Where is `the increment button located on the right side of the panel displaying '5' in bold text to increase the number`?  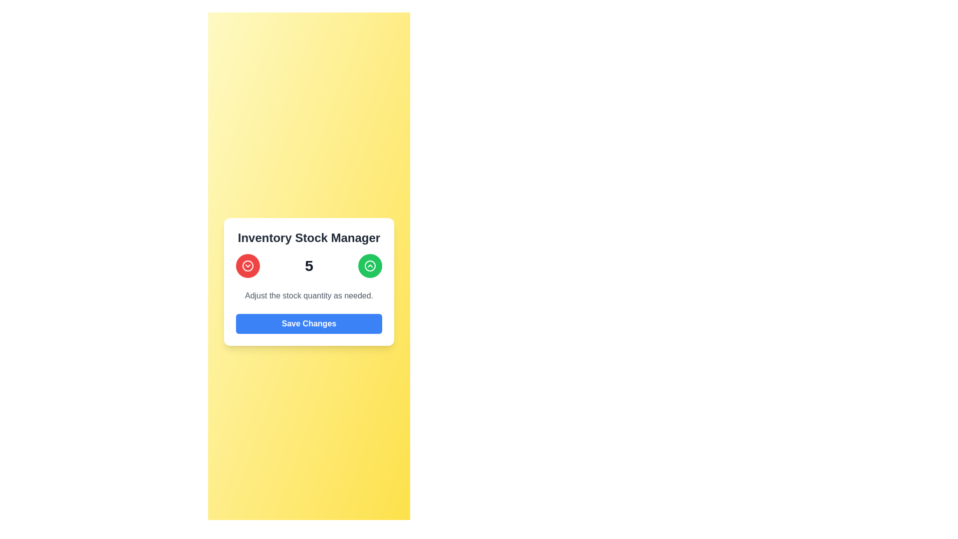
the increment button located on the right side of the panel displaying '5' in bold text to increase the number is located at coordinates (370, 265).